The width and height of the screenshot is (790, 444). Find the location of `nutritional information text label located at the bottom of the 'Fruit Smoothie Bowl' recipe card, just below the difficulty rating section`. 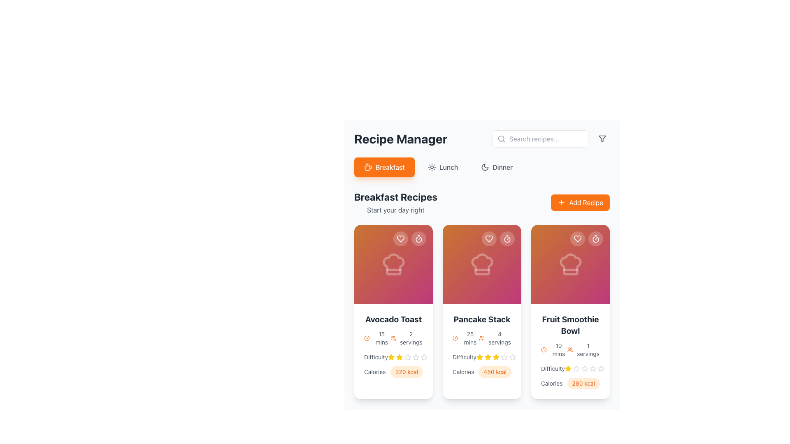

nutritional information text label located at the bottom of the 'Fruit Smoothie Bowl' recipe card, just below the difficulty rating section is located at coordinates (570, 384).